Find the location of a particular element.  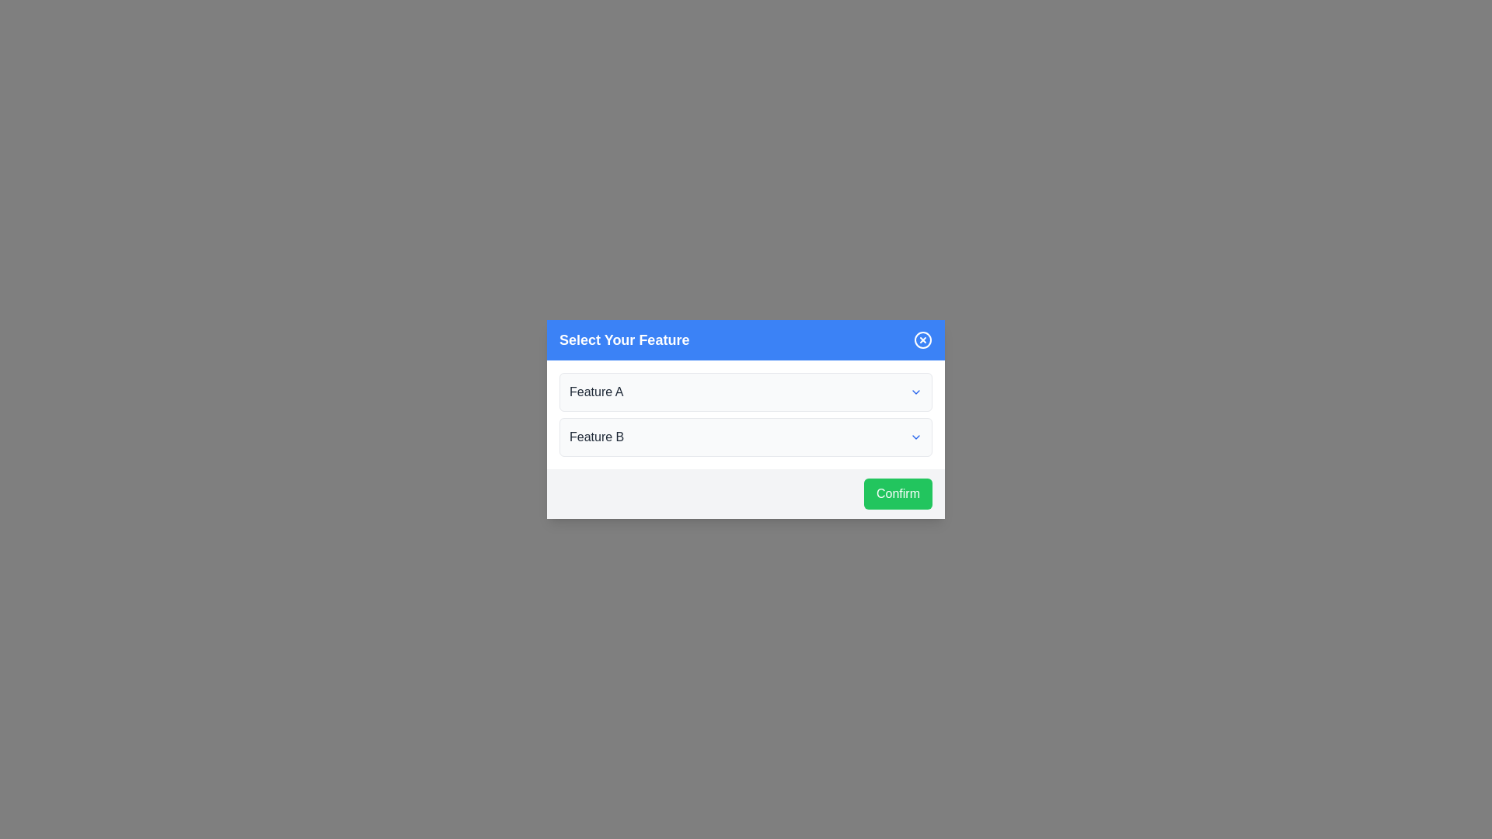

the green 'Confirm' button located in the lower-right corner of the modal dialog is located at coordinates (898, 494).